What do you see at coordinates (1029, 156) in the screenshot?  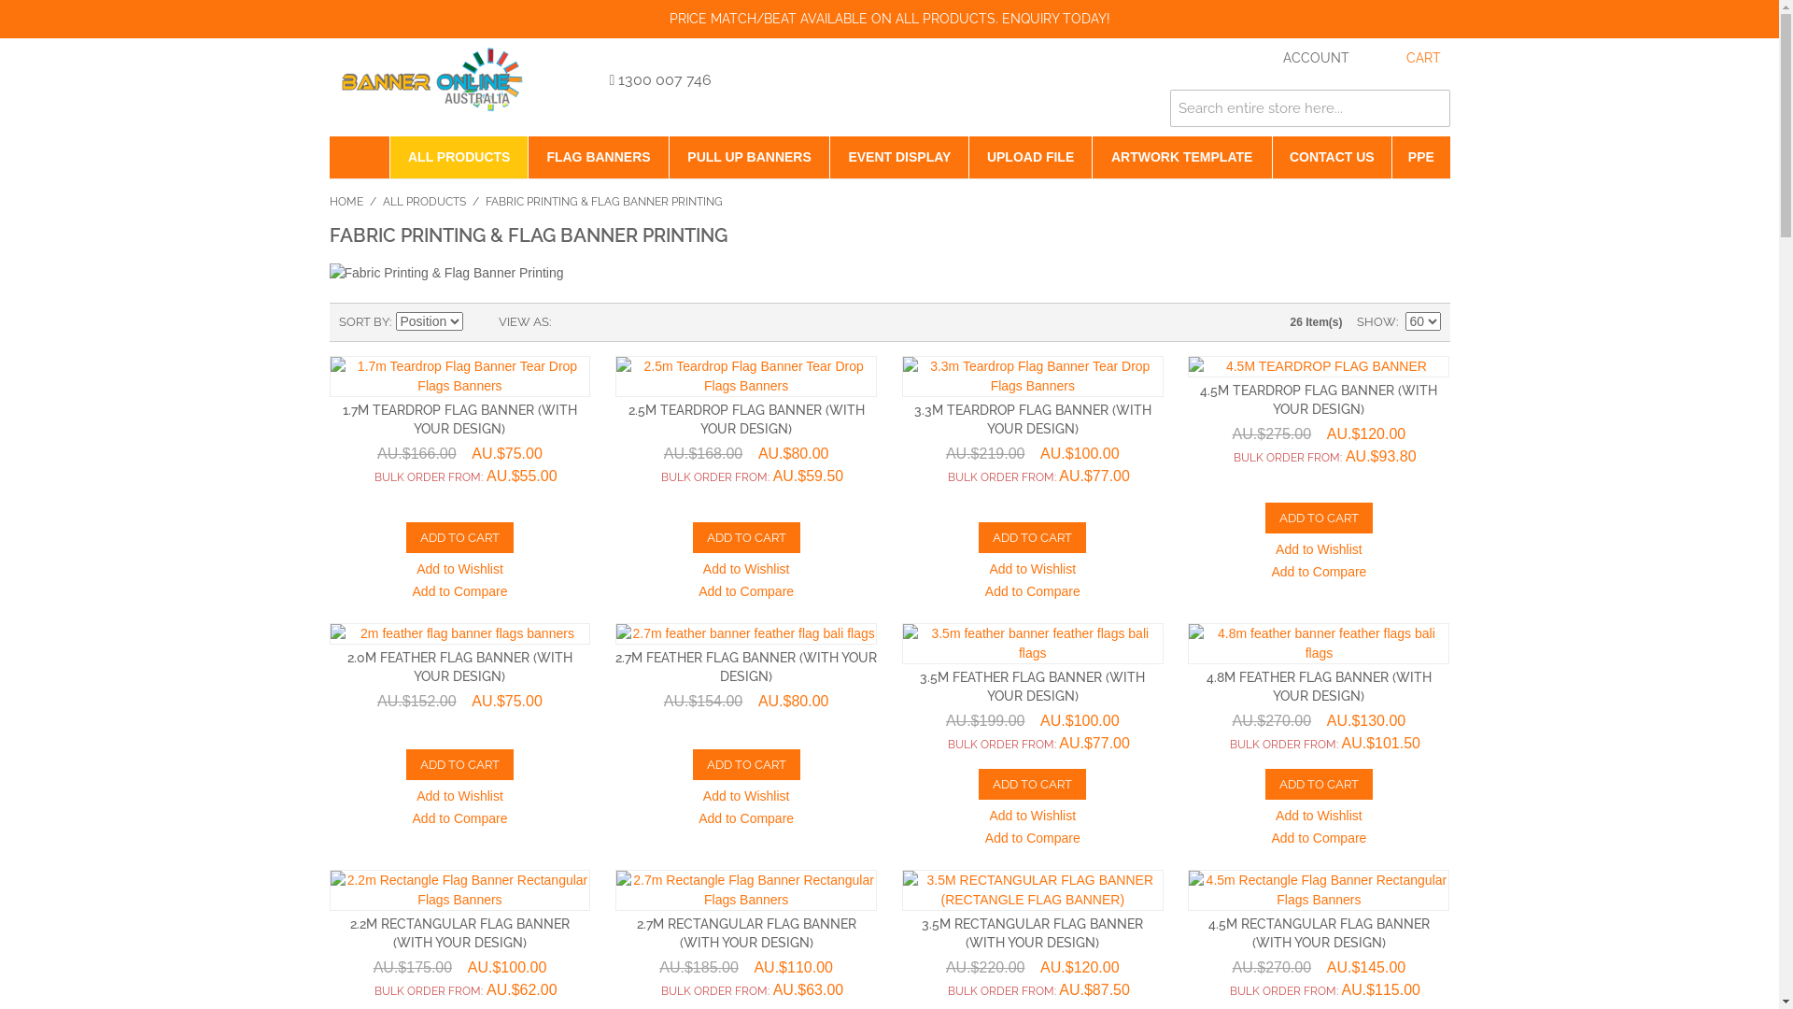 I see `'UPLOAD FILE'` at bounding box center [1029, 156].